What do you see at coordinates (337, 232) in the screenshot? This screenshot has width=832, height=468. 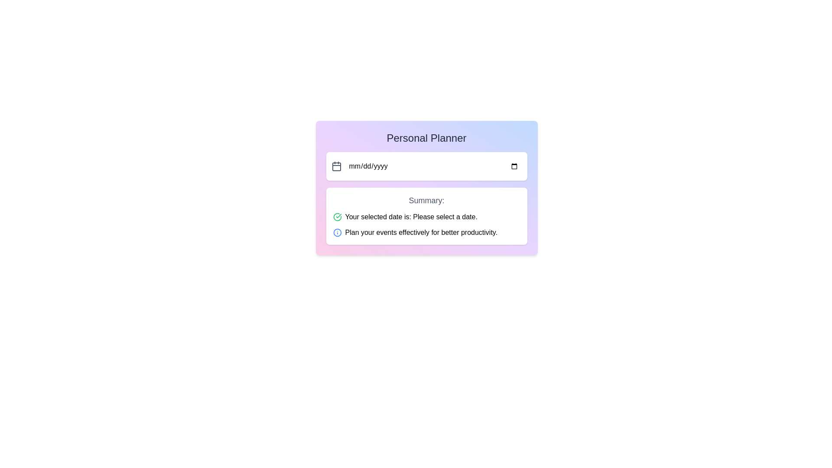 I see `the visual cue represented` at bounding box center [337, 232].